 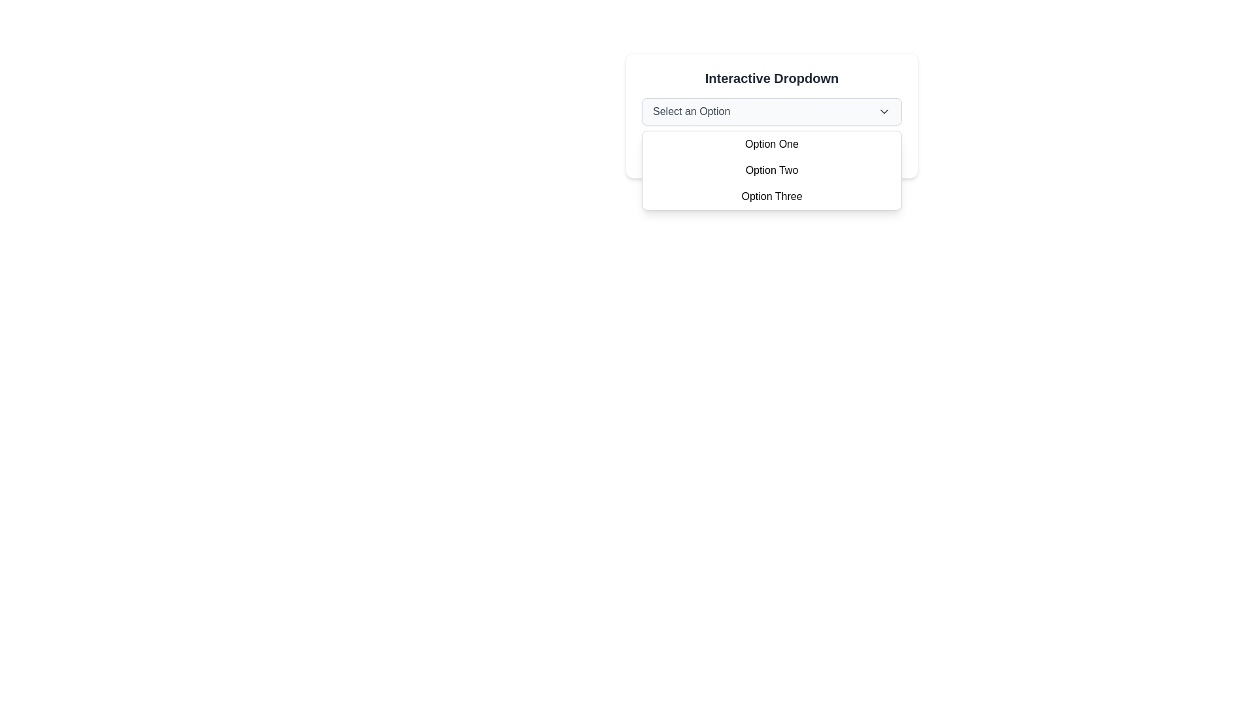 What do you see at coordinates (771, 144) in the screenshot?
I see `the 'Option One' menu item` at bounding box center [771, 144].